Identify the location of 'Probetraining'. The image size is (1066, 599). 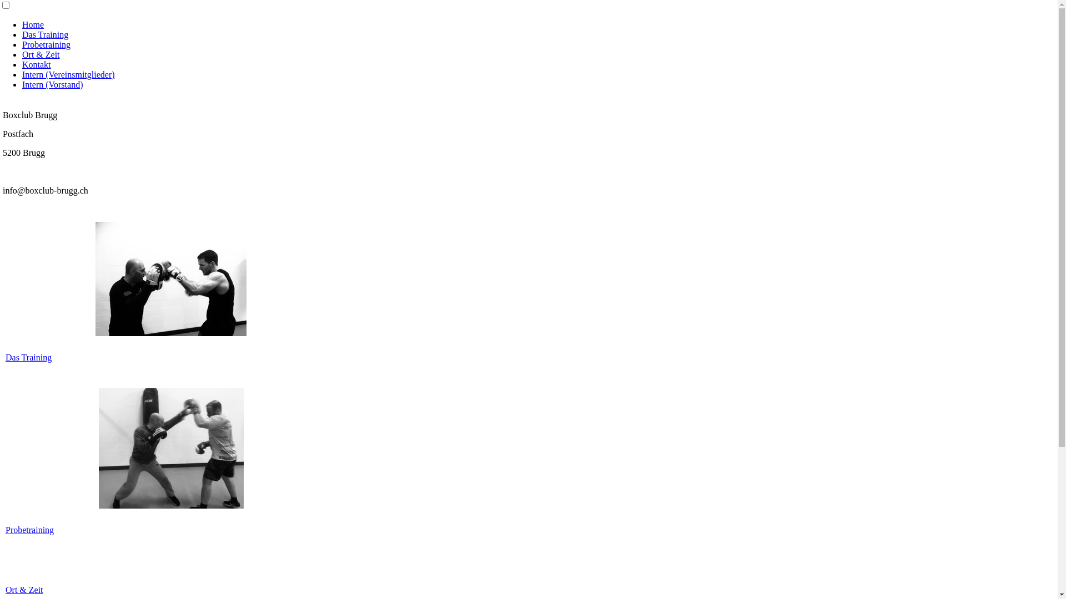
(29, 529).